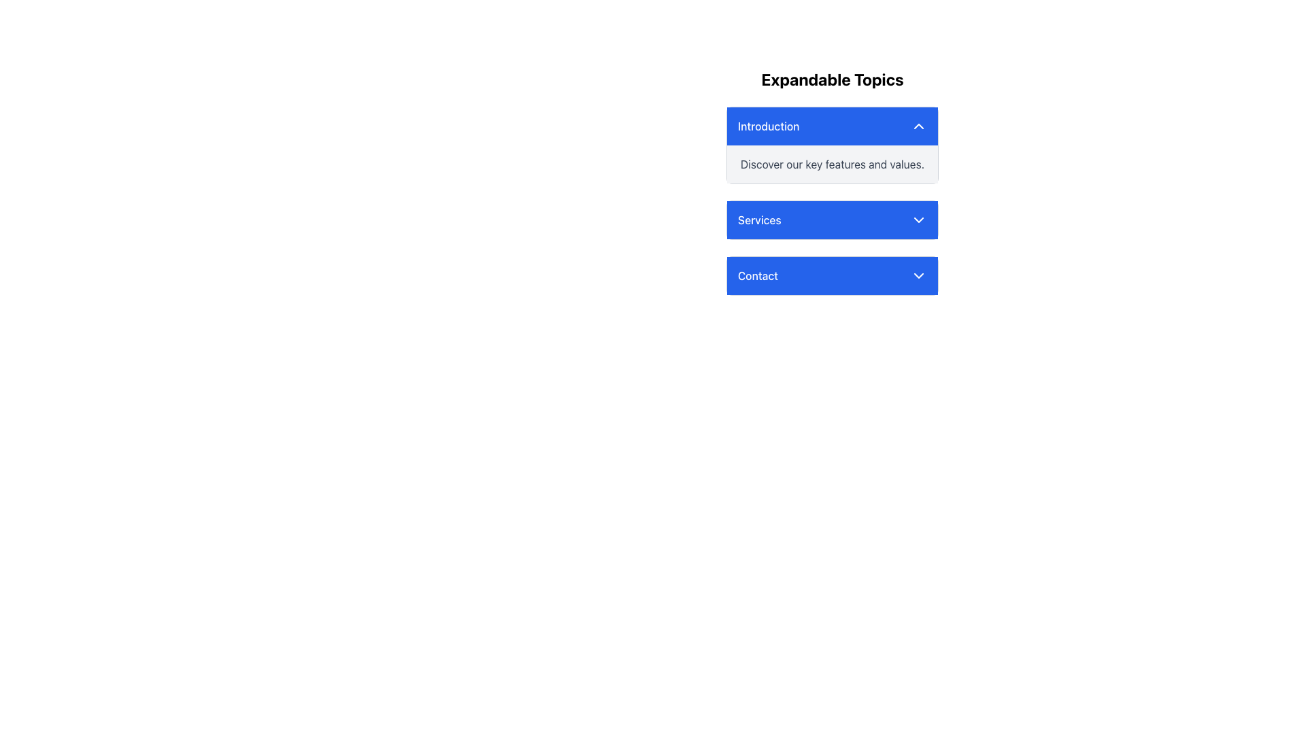 Image resolution: width=1306 pixels, height=734 pixels. I want to click on the 'Contact' text label, which is displayed in white font on a blue background and is part of a header structure that includes a downward-pointing arrow icon on its right, so click(757, 275).